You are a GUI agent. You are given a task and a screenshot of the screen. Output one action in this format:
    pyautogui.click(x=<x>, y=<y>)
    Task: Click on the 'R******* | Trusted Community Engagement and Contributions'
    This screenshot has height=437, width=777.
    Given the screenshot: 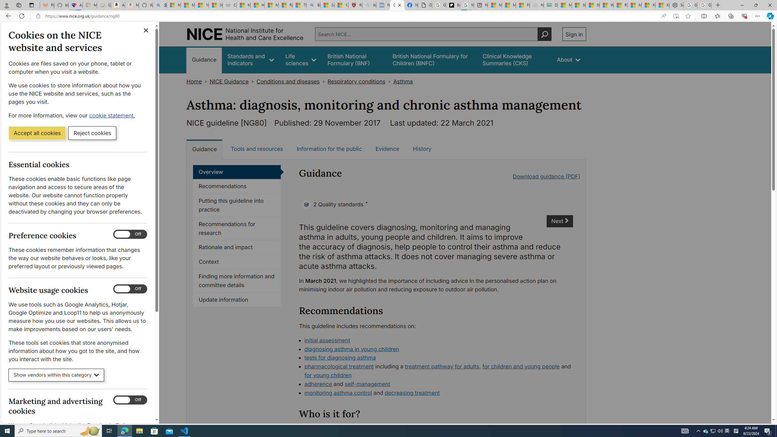 What is the action you would take?
    pyautogui.click(x=620, y=5)
    